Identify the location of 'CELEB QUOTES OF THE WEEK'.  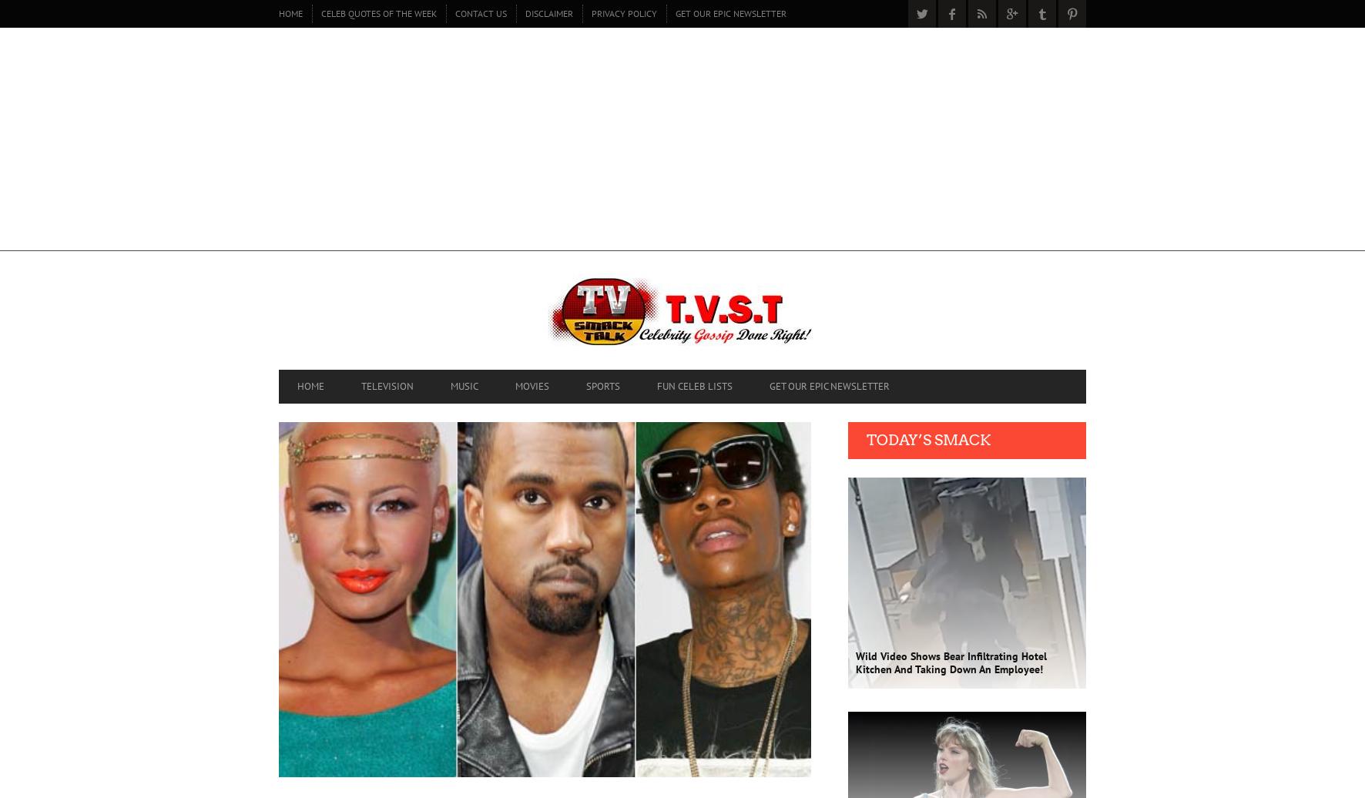
(377, 12).